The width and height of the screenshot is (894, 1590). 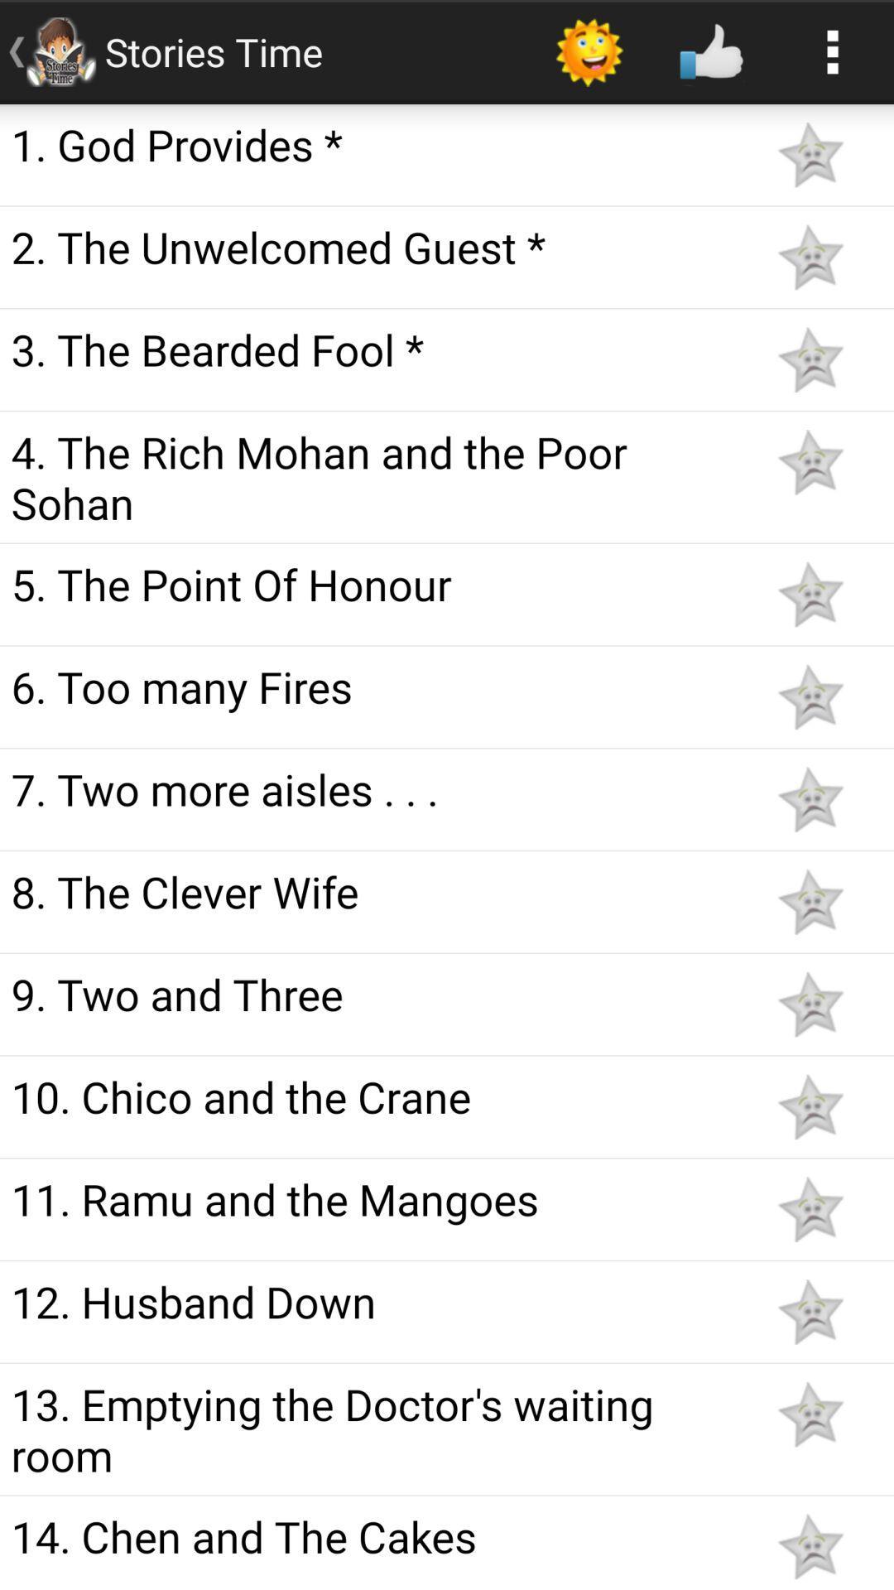 I want to click on the story, so click(x=810, y=1004).